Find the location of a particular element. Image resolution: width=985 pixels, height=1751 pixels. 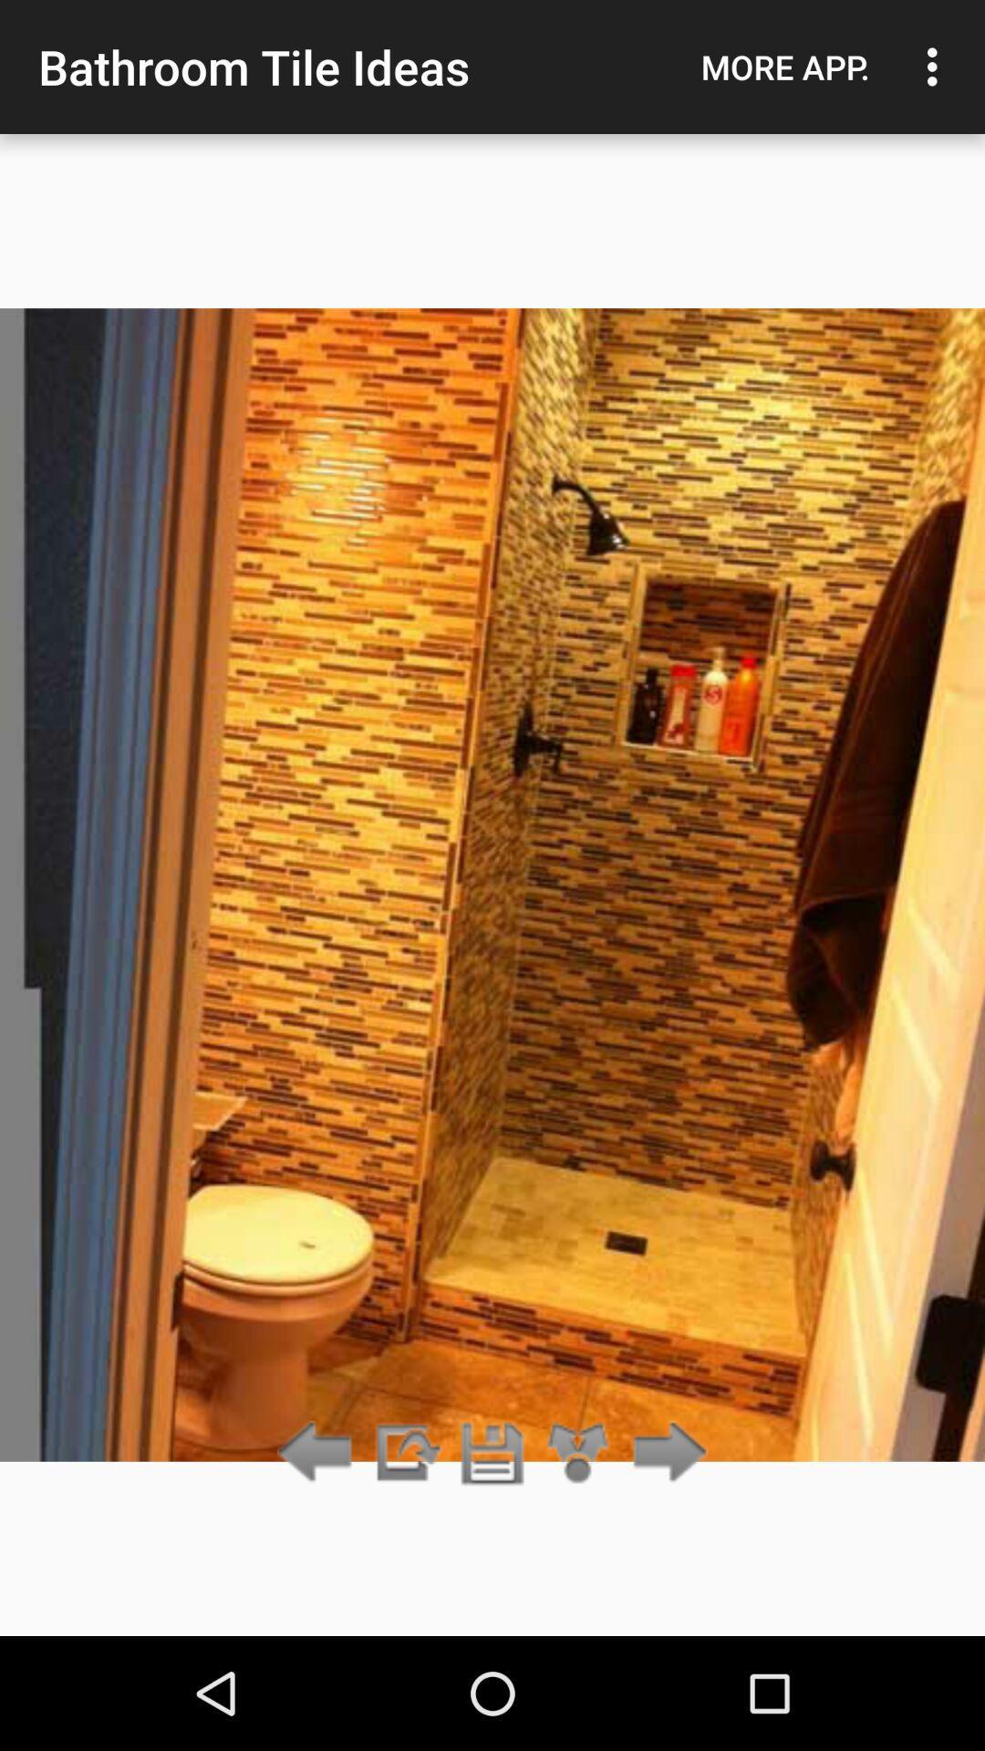

the arrow_forward icon is located at coordinates (665, 1453).